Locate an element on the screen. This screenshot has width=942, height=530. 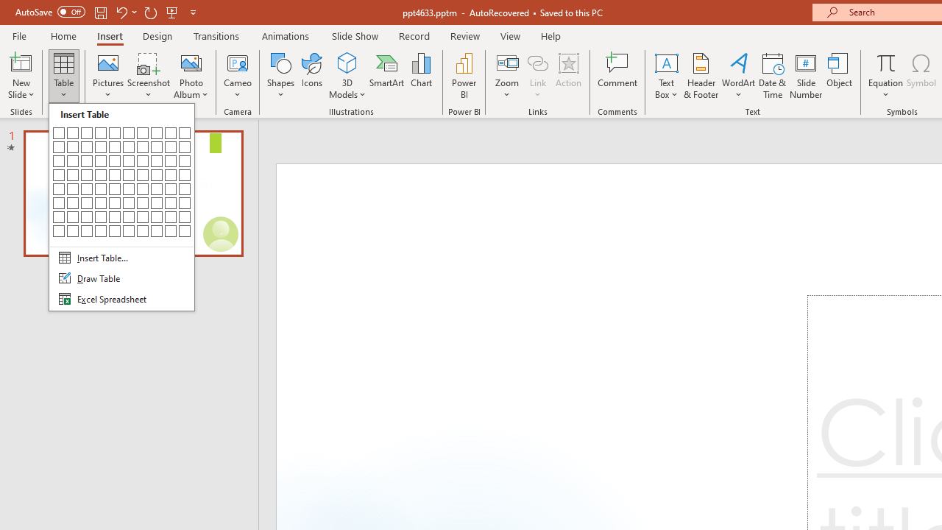
'Date & Time...' is located at coordinates (772, 76).